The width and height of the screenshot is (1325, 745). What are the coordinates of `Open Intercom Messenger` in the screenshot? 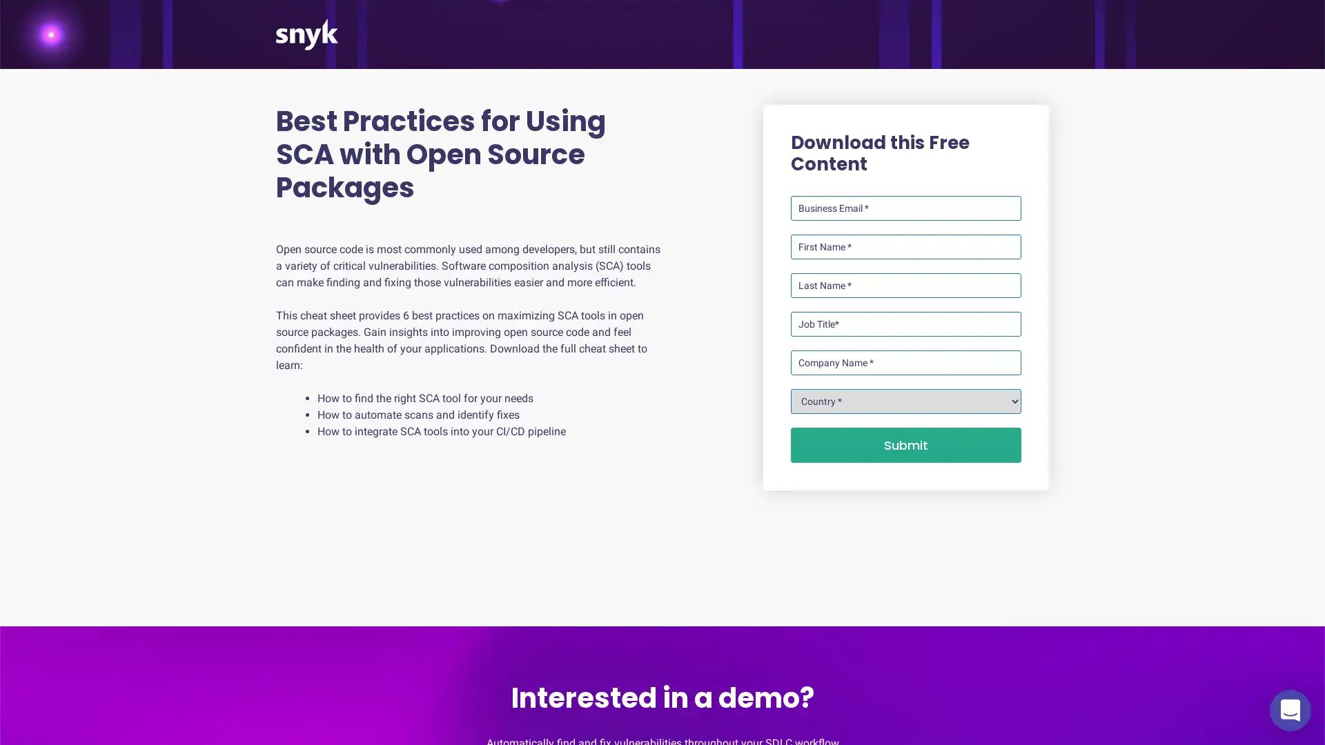 It's located at (1290, 710).